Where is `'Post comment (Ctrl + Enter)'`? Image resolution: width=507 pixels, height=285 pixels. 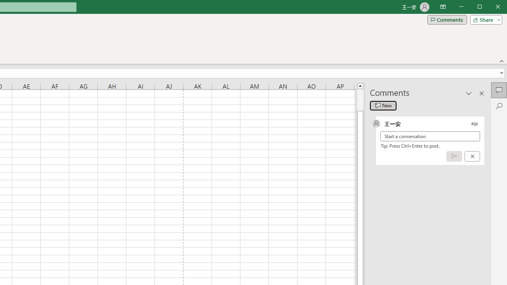
'Post comment (Ctrl + Enter)' is located at coordinates (454, 156).